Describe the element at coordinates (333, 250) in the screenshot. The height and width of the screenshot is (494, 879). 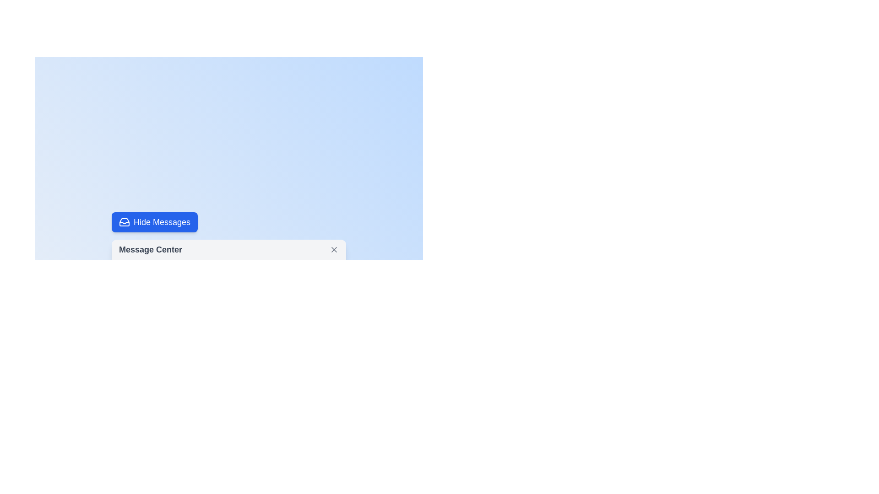
I see `the close button located on the right side of the 'Message Center' header to change its color` at that location.